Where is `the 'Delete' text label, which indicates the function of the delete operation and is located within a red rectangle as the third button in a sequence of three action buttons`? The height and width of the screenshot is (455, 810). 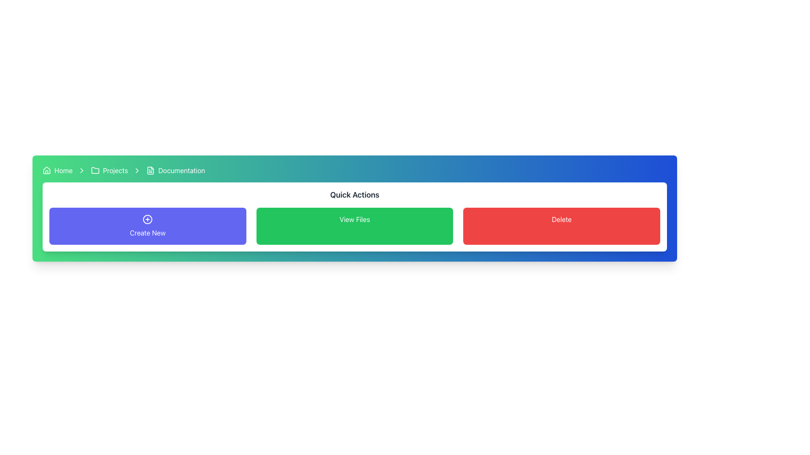 the 'Delete' text label, which indicates the function of the delete operation and is located within a red rectangle as the third button in a sequence of three action buttons is located at coordinates (562, 219).